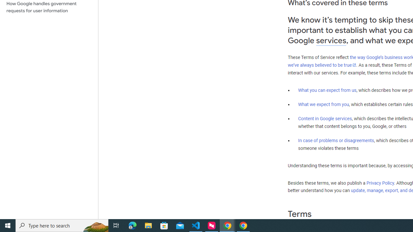 This screenshot has width=413, height=232. I want to click on 'In case of problems or disagreements', so click(336, 140).